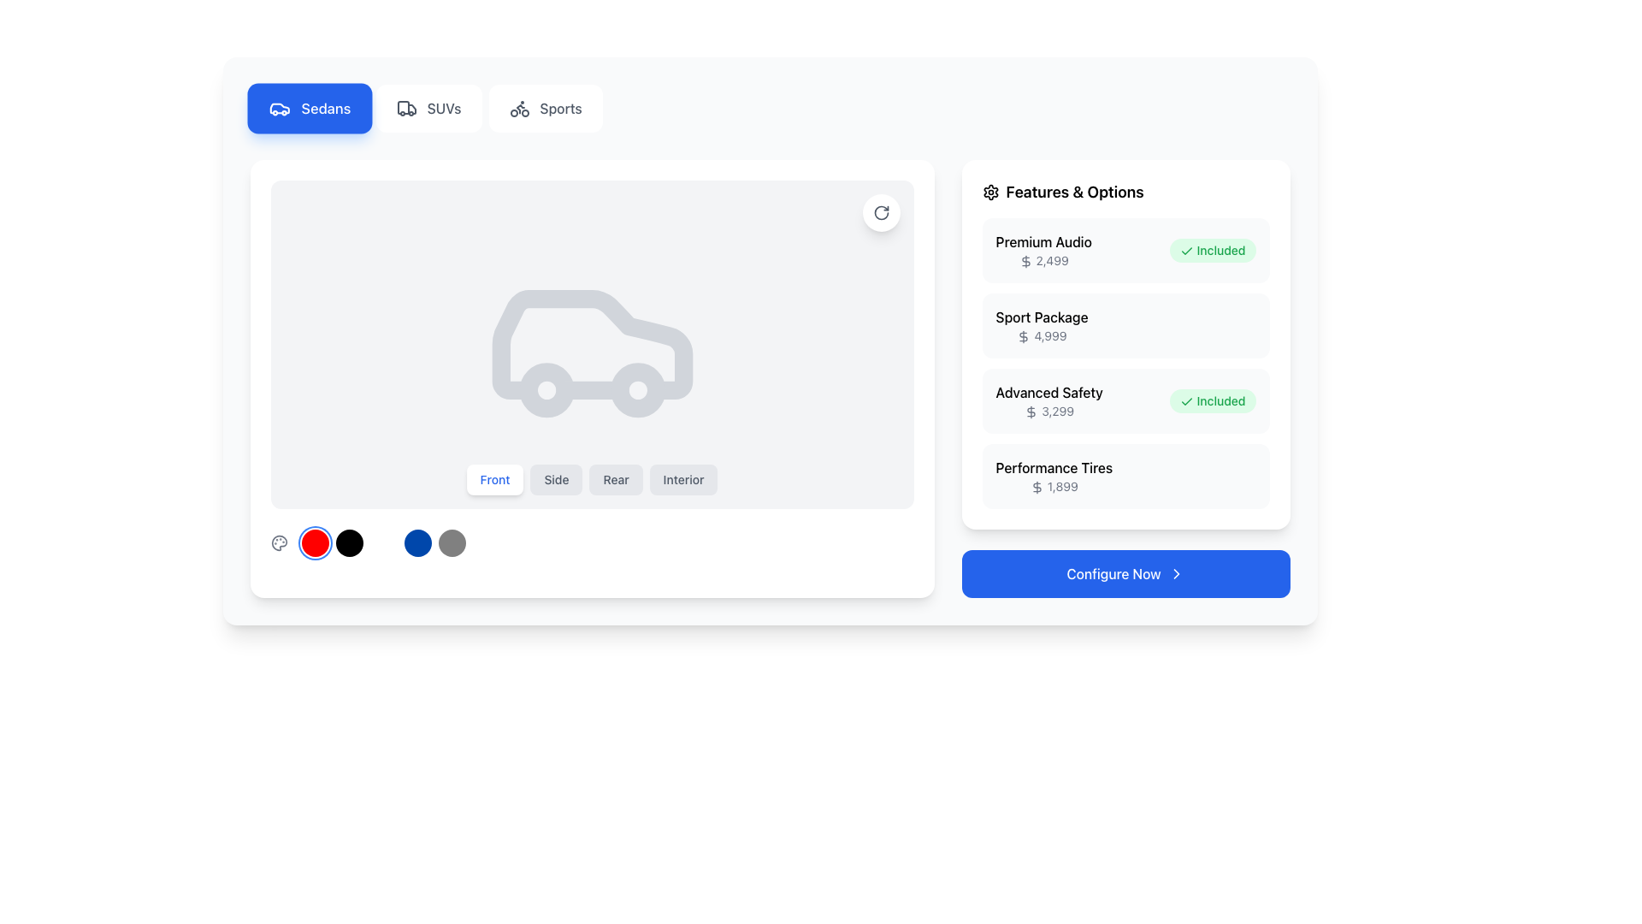 Image resolution: width=1642 pixels, height=924 pixels. Describe the element at coordinates (616, 479) in the screenshot. I see `the 'Rear' button, the third button in a group of four (Front, Side, Rear, Interior)` at that location.